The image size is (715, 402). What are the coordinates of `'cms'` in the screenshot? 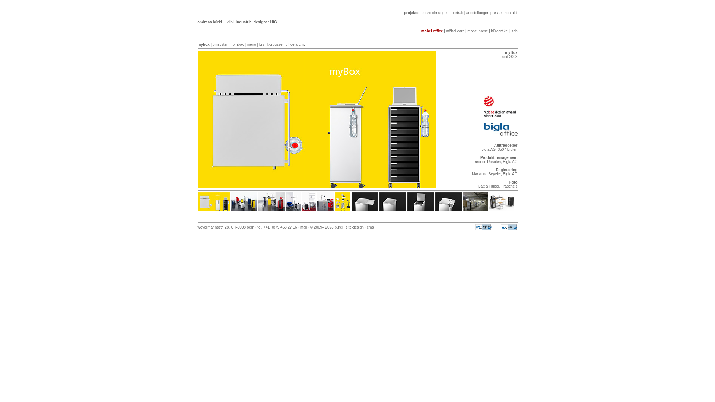 It's located at (370, 227).